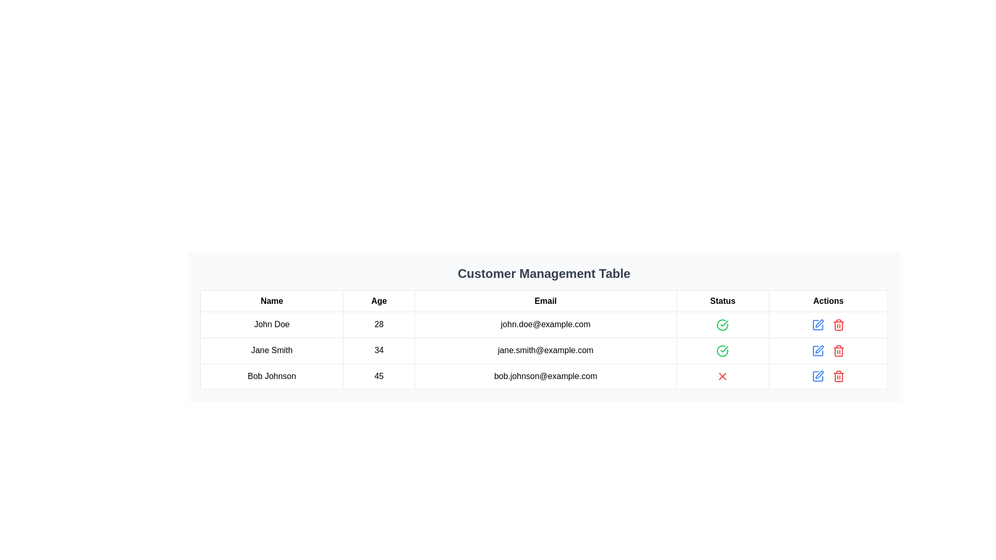  Describe the element at coordinates (722, 301) in the screenshot. I see `the 'Status' text label in the fourth column of the table header, which is positioned between the 'Email' and 'Actions' columns` at that location.